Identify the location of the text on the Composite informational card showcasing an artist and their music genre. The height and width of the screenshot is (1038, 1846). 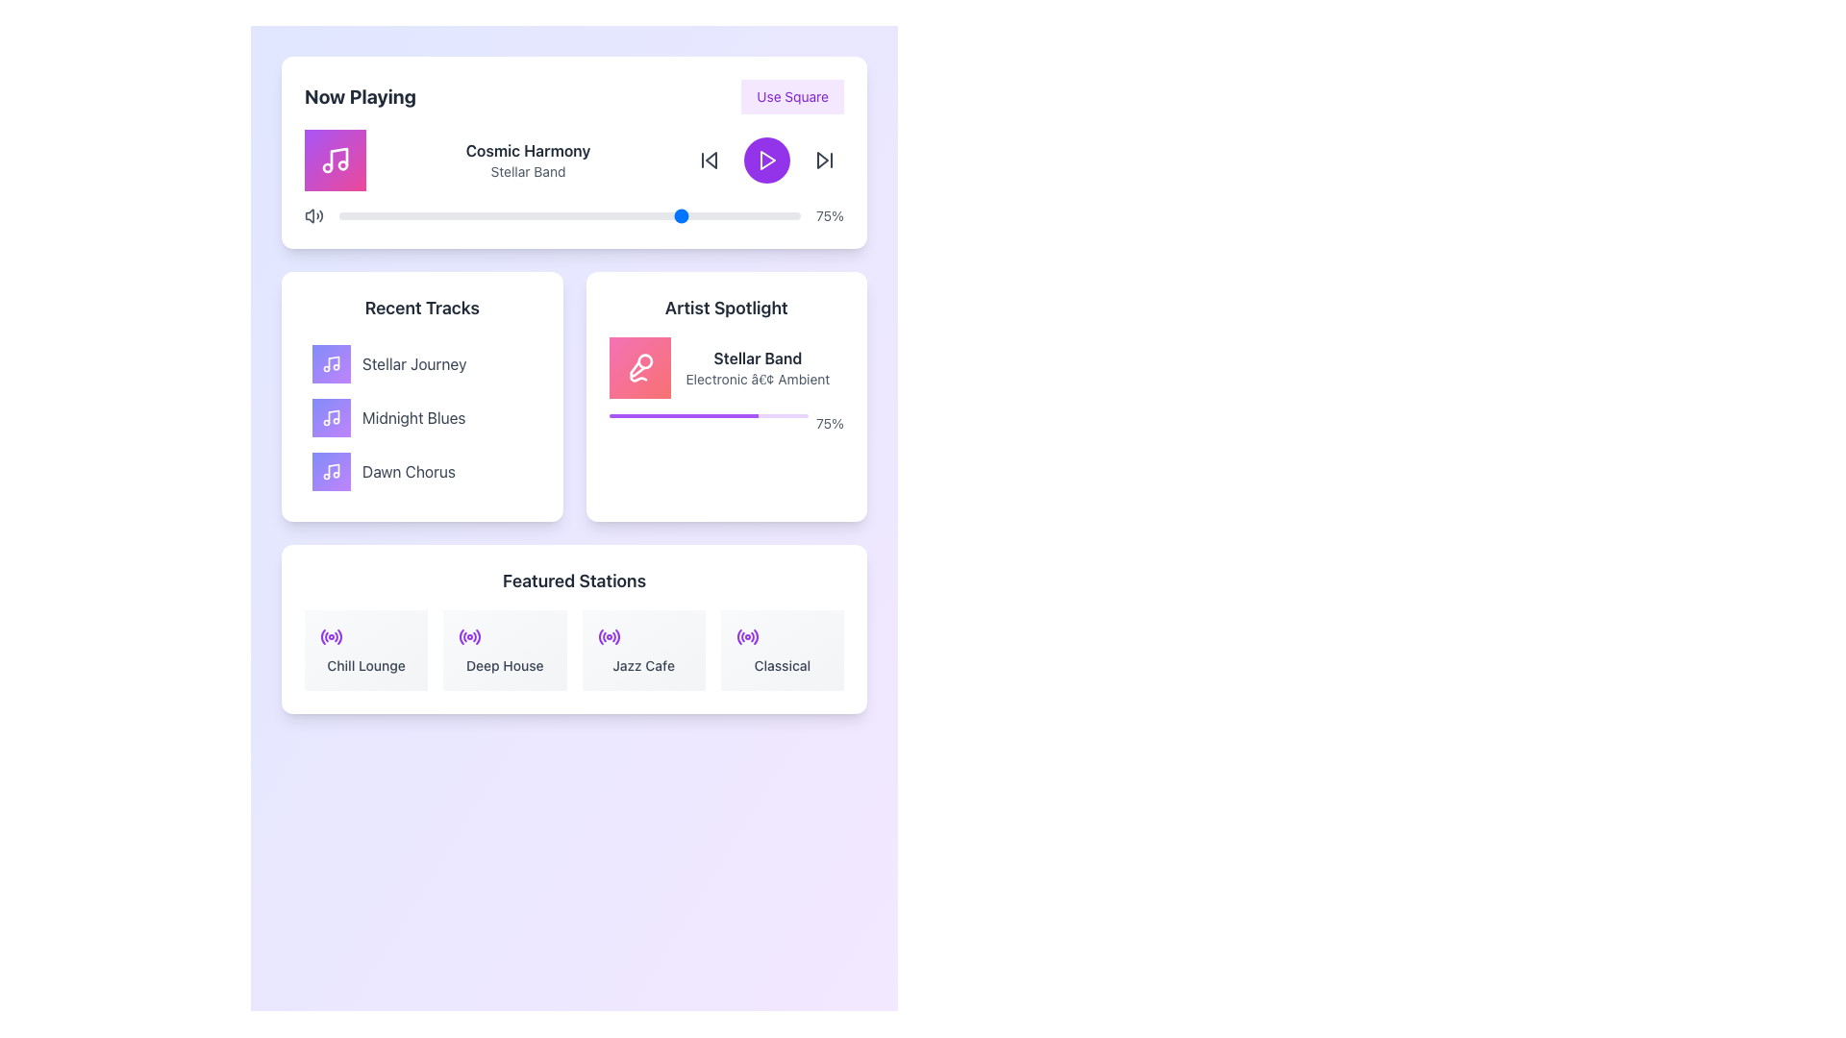
(725, 385).